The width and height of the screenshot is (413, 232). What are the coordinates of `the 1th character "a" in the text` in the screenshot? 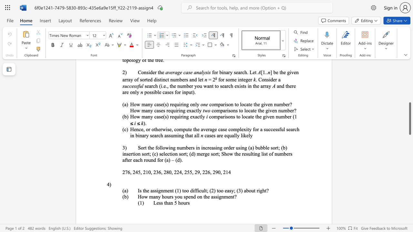 It's located at (169, 202).